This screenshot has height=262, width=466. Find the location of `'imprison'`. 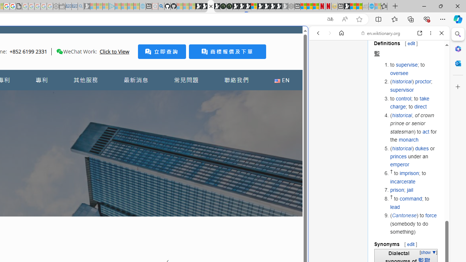

'imprison' is located at coordinates (409, 173).